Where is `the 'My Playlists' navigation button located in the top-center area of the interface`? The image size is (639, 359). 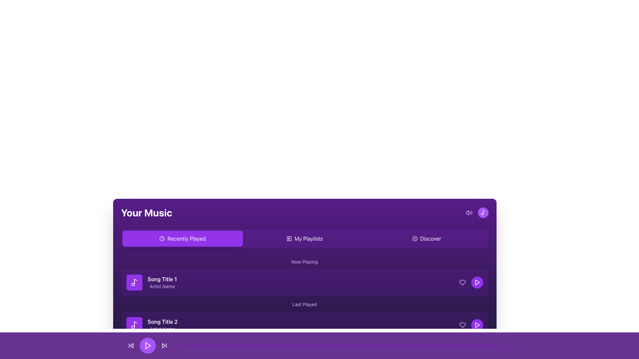
the 'My Playlists' navigation button located in the top-center area of the interface is located at coordinates (304, 238).